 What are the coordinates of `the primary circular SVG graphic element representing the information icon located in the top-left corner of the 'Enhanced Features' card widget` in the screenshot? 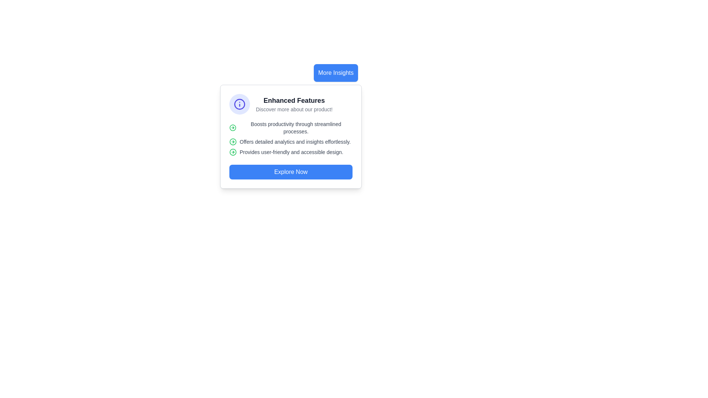 It's located at (239, 104).